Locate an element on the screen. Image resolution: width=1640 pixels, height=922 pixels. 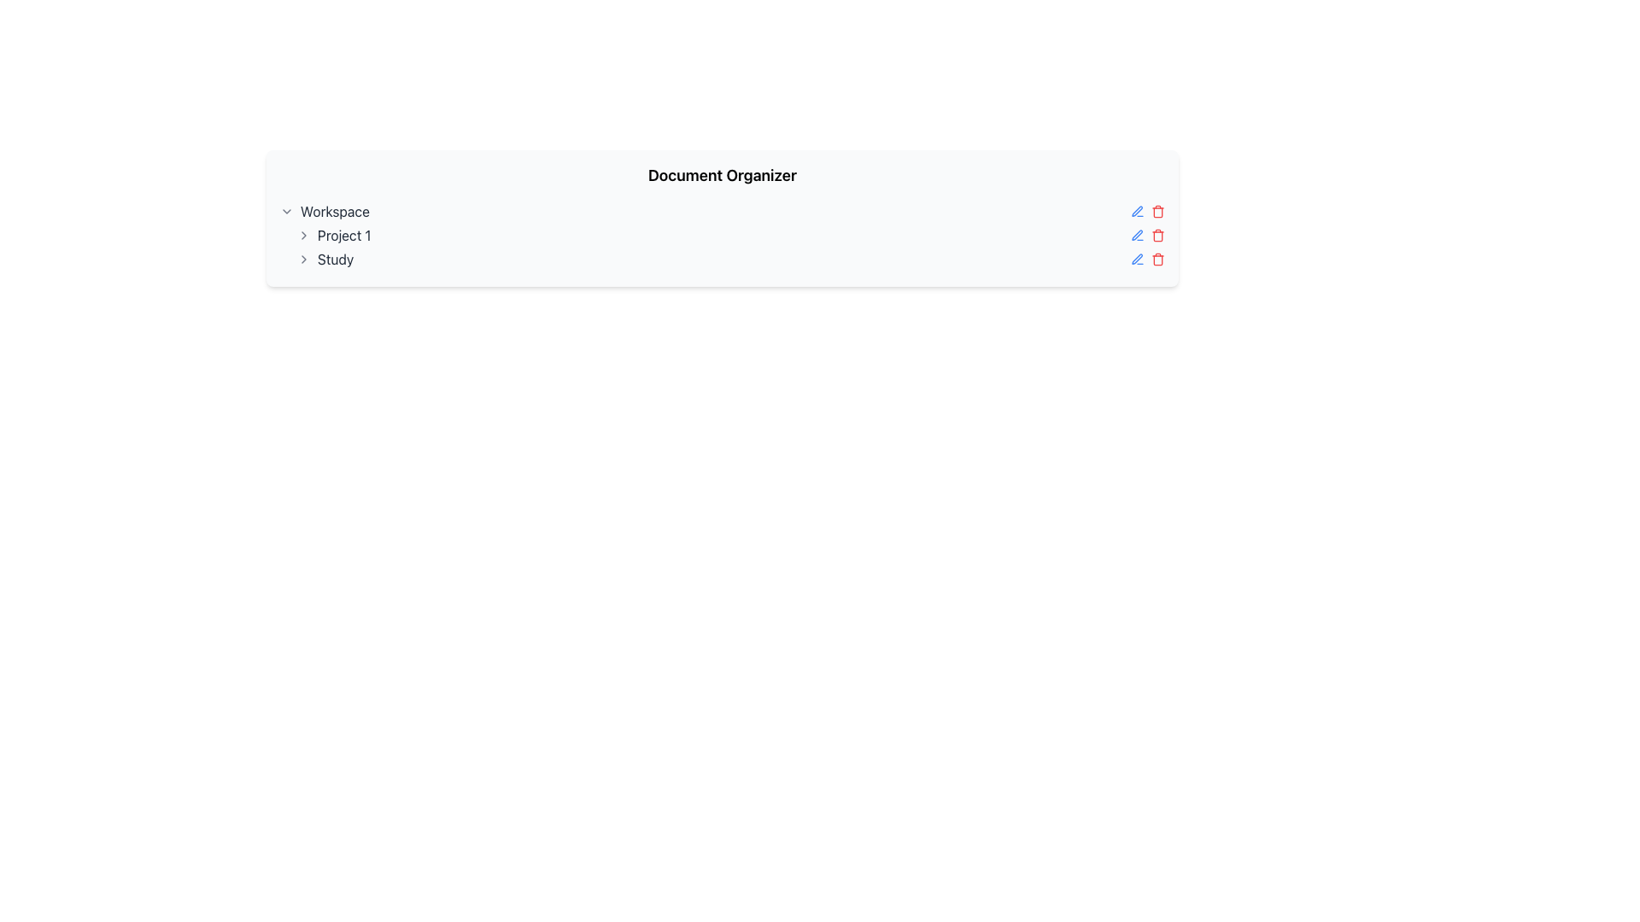
the Trash/Delete icon located on the right side of the icon row is located at coordinates (1158, 210).